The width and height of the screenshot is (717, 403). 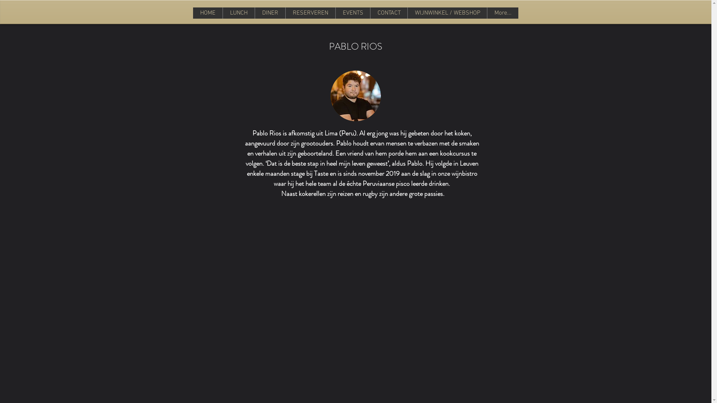 What do you see at coordinates (310, 13) in the screenshot?
I see `'RESERVEREN'` at bounding box center [310, 13].